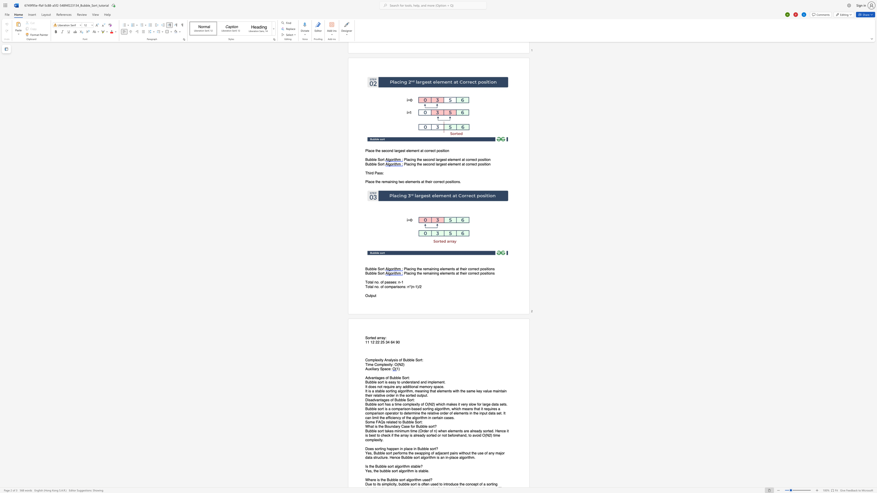 The width and height of the screenshot is (877, 493). I want to click on the space between the continuous character "2" and ")" in the text, so click(433, 404).